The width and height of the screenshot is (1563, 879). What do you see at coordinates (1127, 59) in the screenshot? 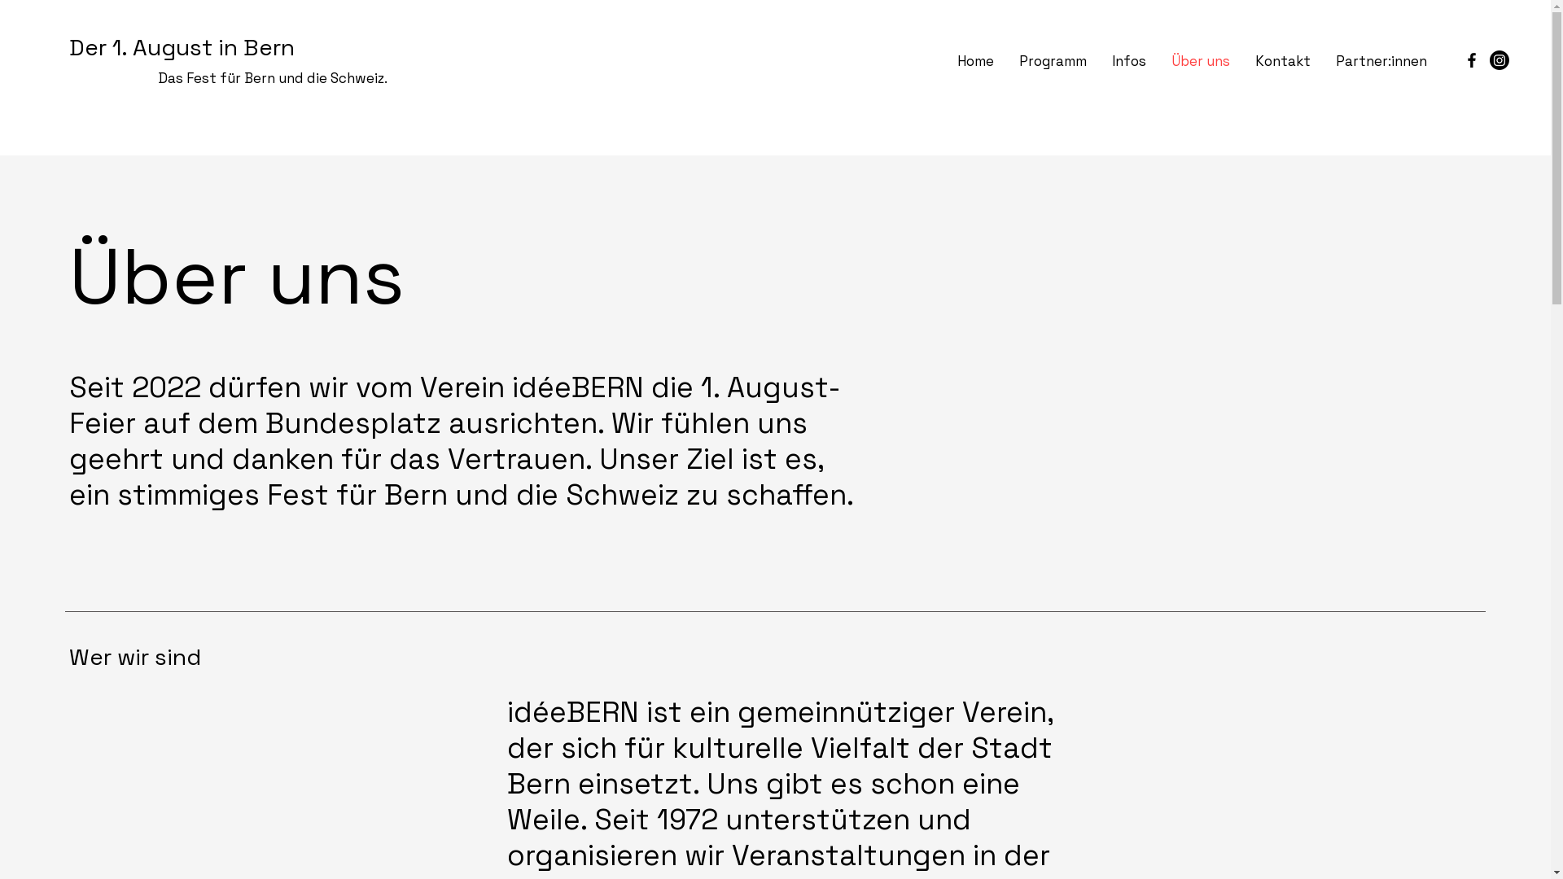
I see `'Infos'` at bounding box center [1127, 59].